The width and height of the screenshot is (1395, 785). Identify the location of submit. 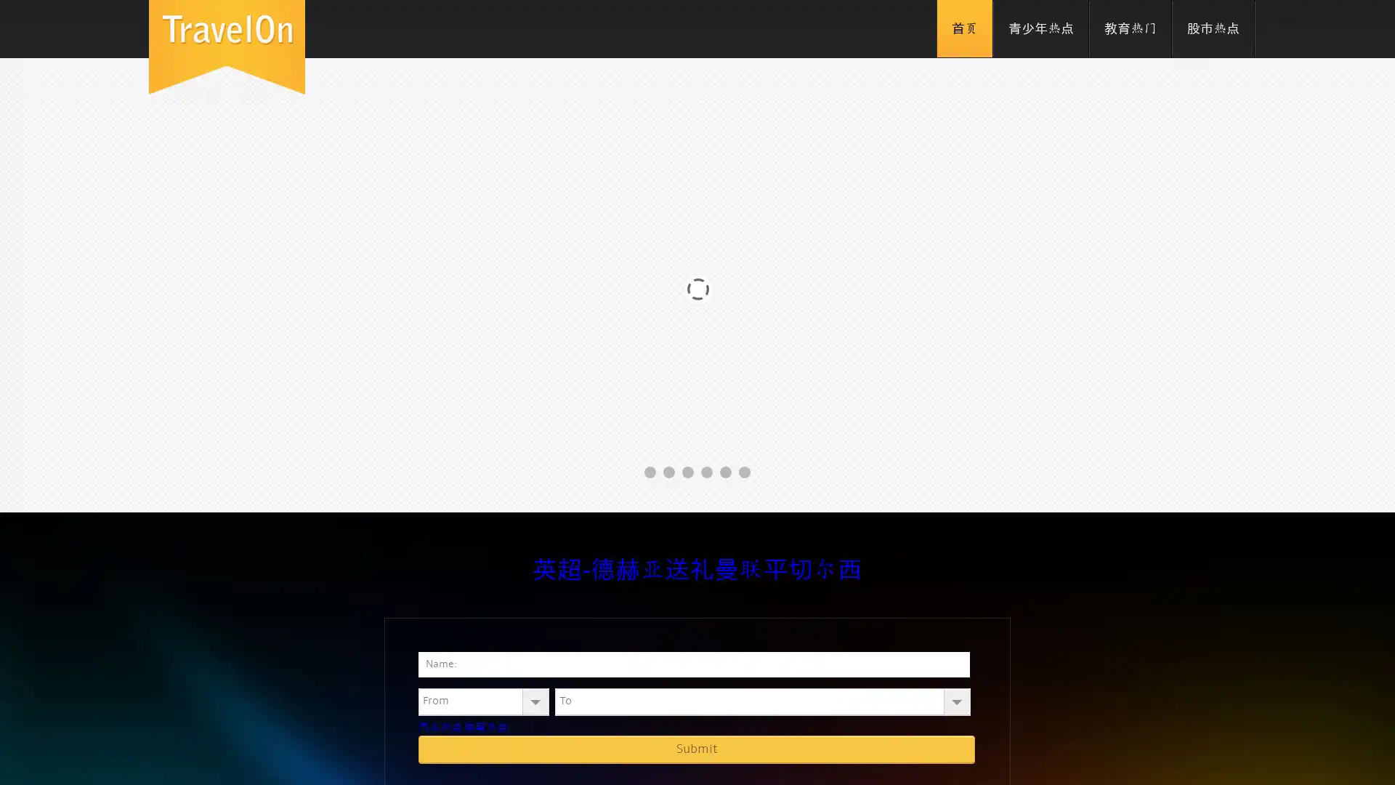
(696, 749).